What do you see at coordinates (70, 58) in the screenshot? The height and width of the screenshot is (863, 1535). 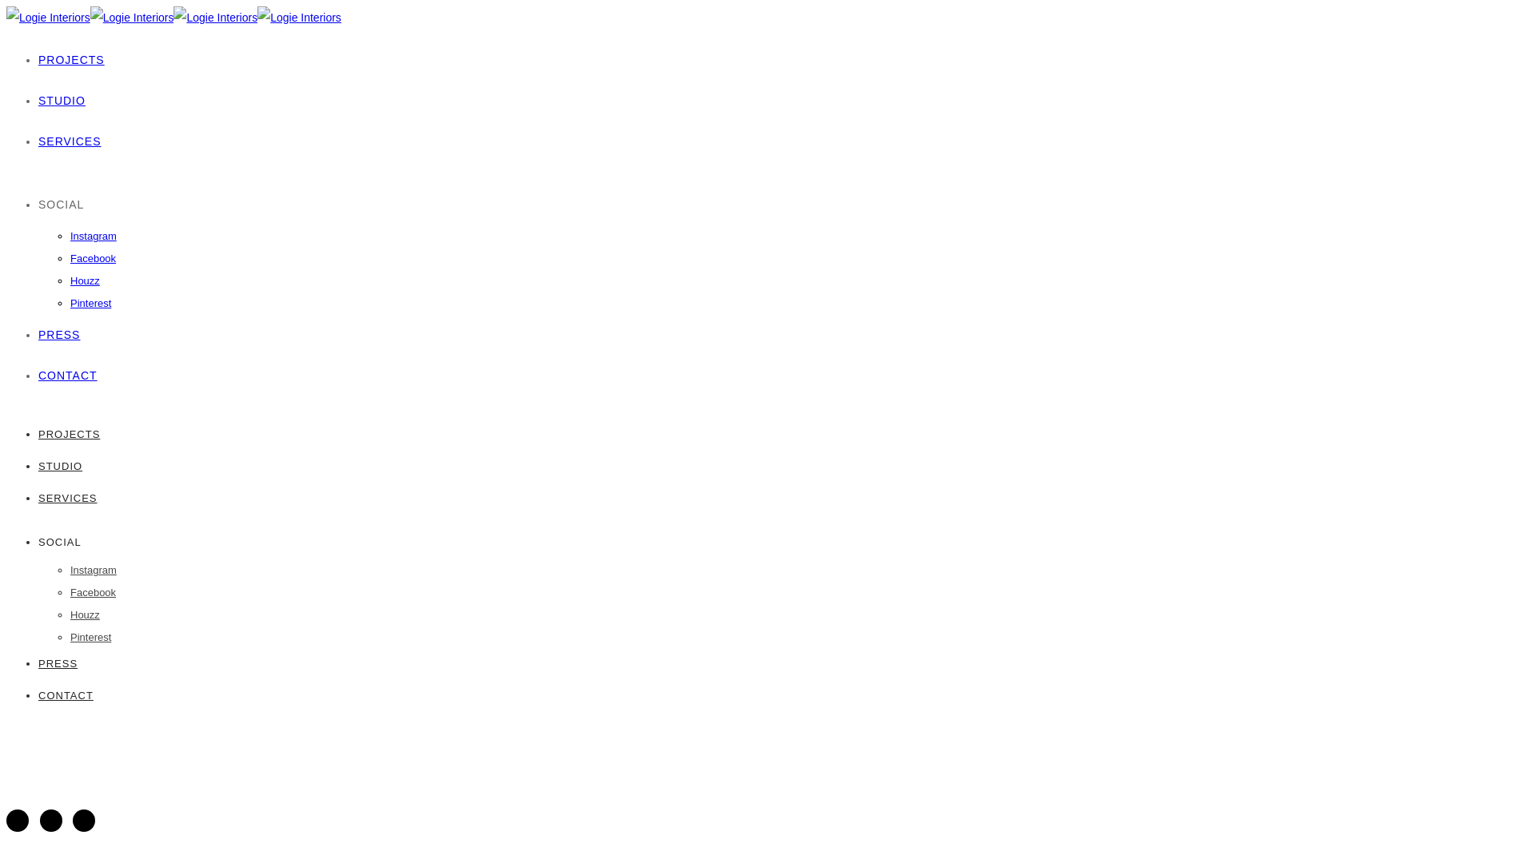 I see `'PROJECTS'` at bounding box center [70, 58].